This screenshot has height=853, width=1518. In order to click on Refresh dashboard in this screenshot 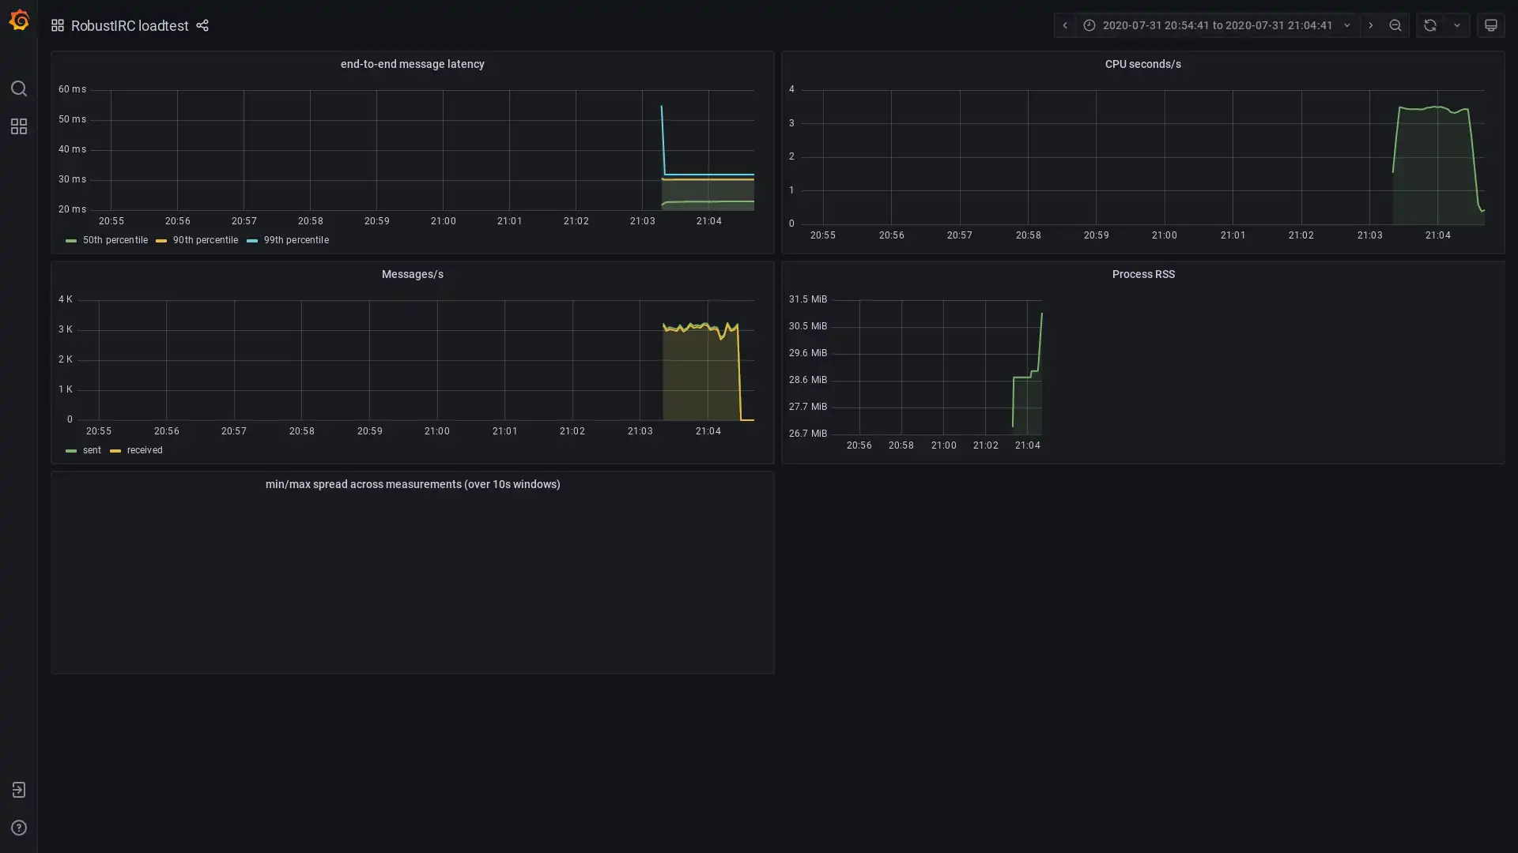, I will do `click(1429, 24)`.